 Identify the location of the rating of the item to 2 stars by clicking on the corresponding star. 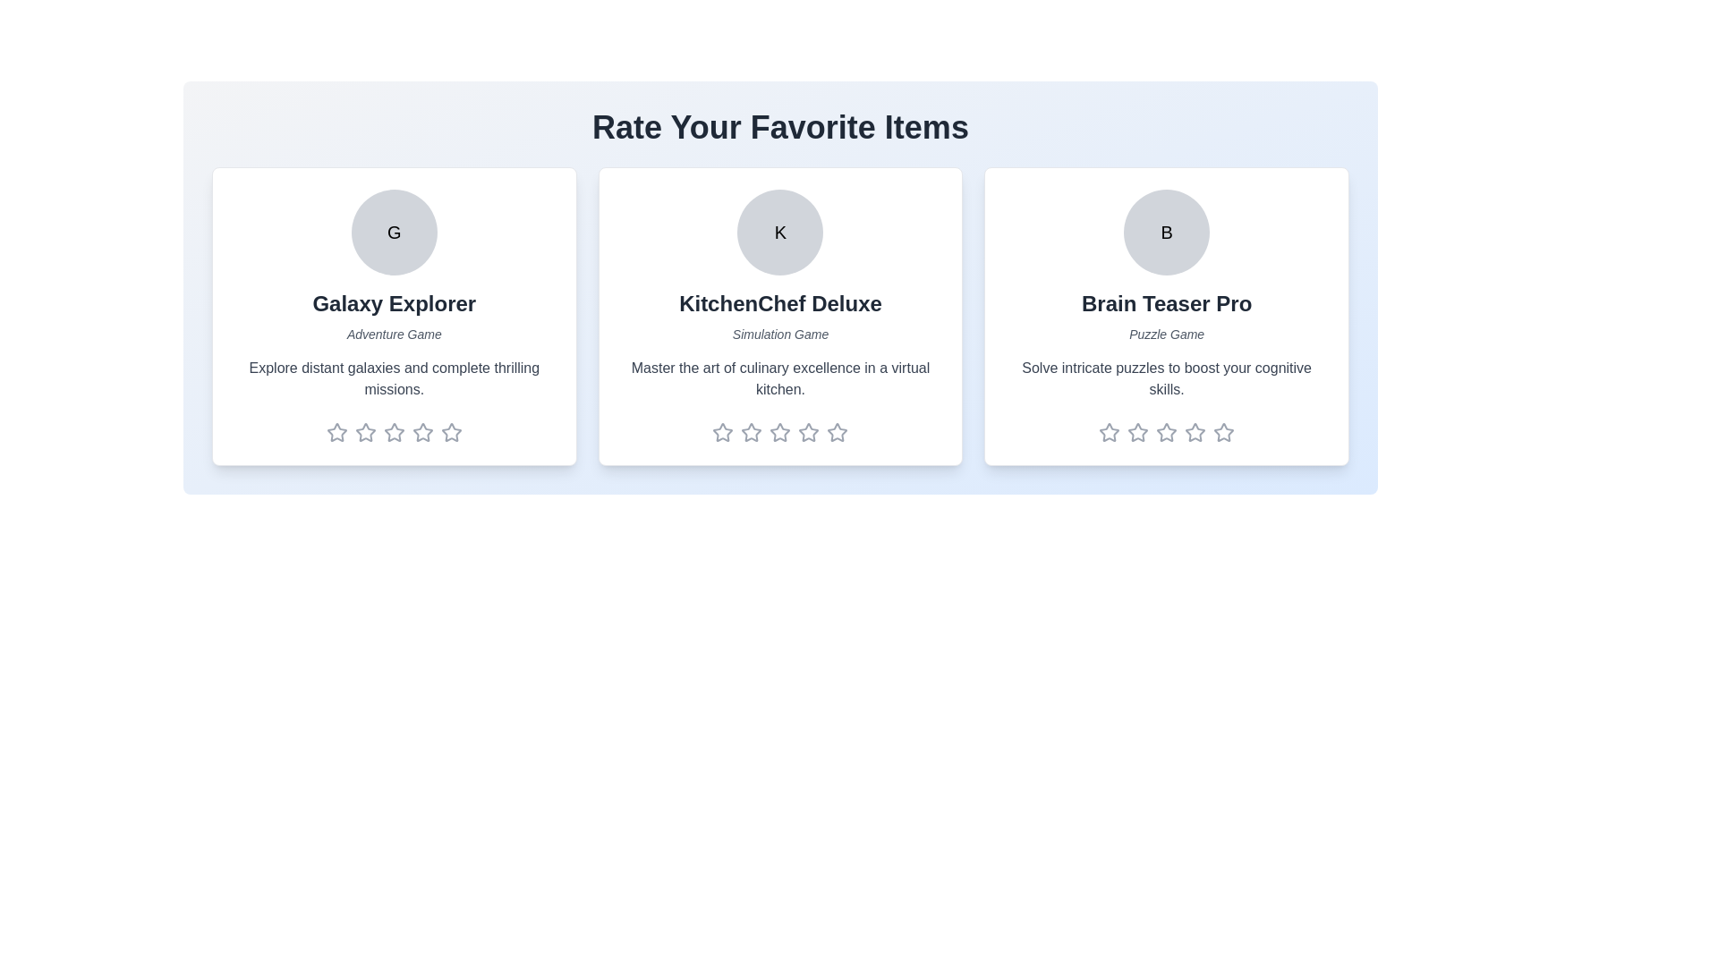
(364, 432).